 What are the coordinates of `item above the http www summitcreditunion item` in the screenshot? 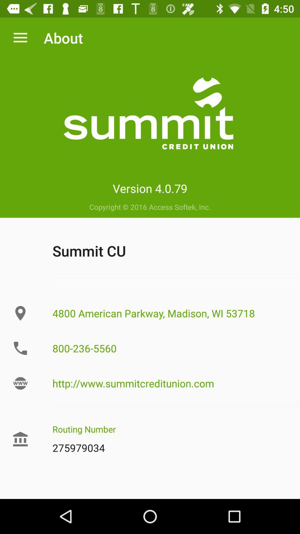 It's located at (170, 348).